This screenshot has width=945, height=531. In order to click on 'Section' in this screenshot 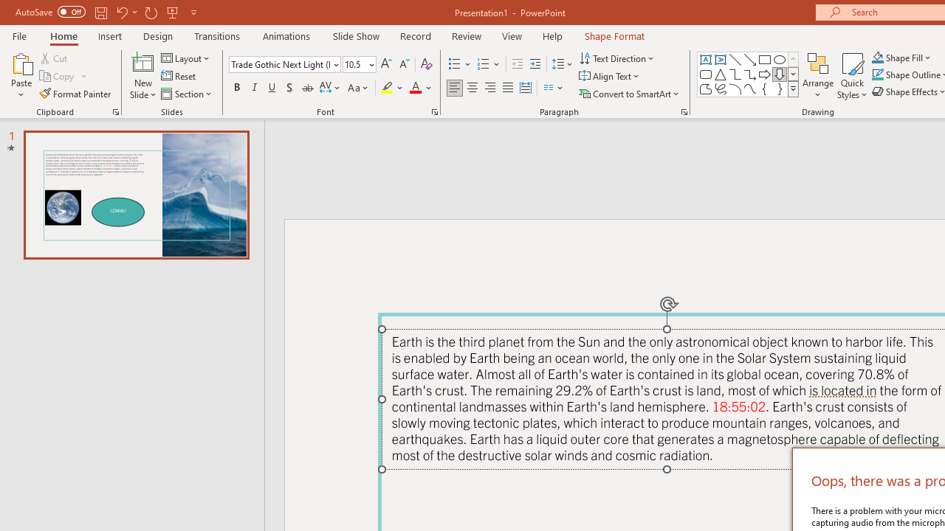, I will do `click(187, 94)`.